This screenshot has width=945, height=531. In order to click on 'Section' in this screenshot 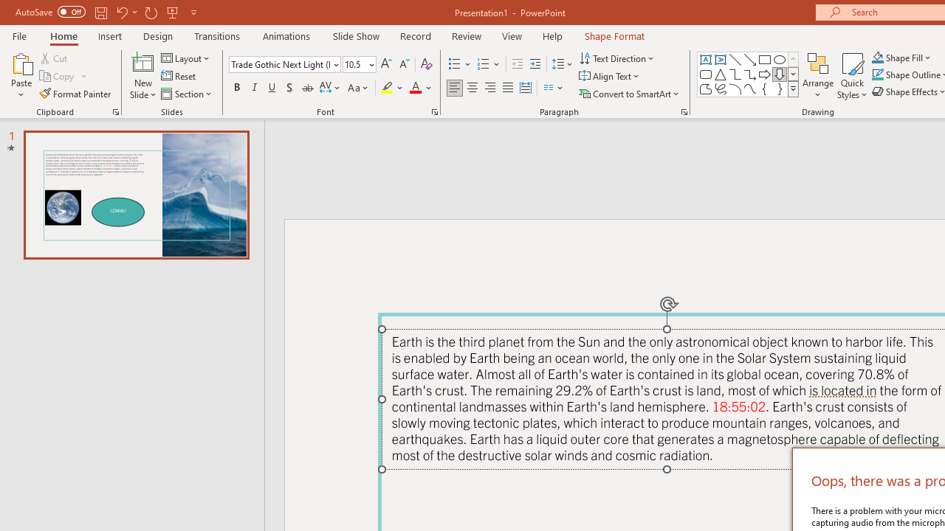, I will do `click(187, 94)`.